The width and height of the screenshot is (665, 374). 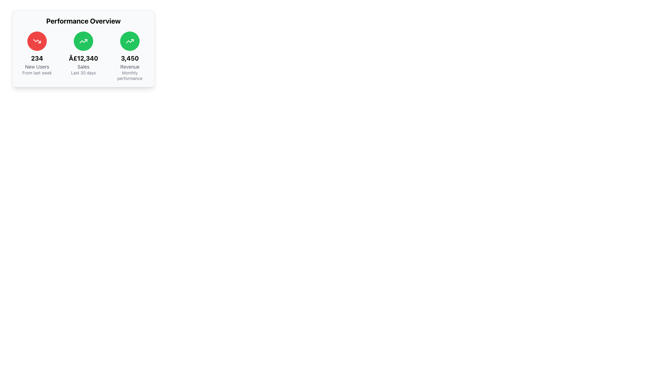 I want to click on the downward trend graphical icon representing 'New Users' in the leftmost circular indicator of the 'Performance Overview' section, so click(x=36, y=41).